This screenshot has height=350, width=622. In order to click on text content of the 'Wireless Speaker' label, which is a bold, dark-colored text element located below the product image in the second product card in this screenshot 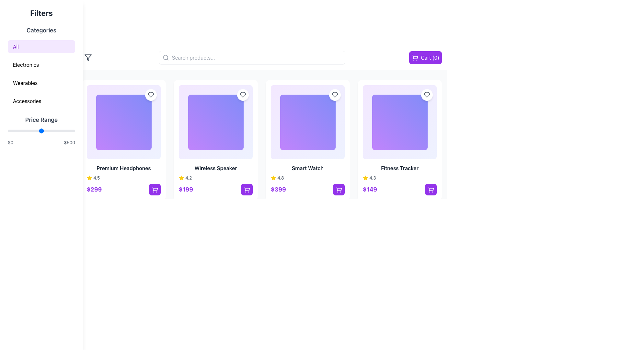, I will do `click(216, 168)`.